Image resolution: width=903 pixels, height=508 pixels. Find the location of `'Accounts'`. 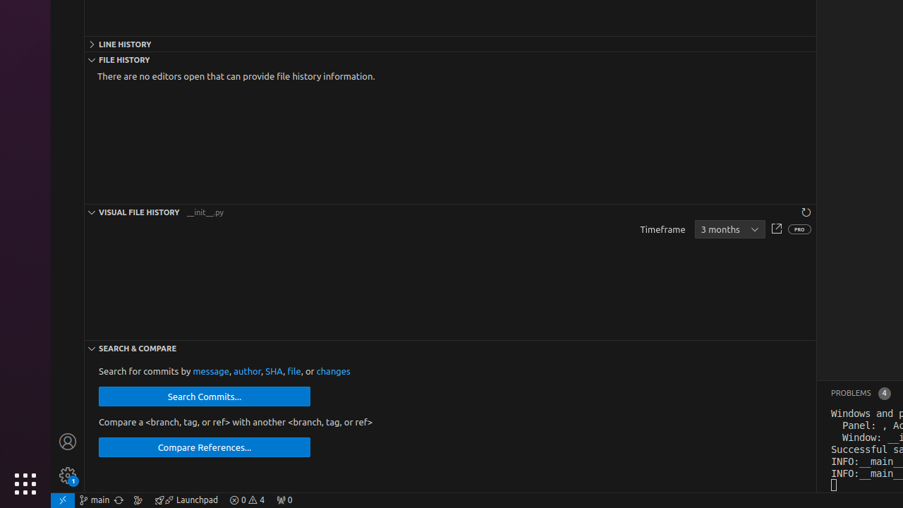

'Accounts' is located at coordinates (67, 440).